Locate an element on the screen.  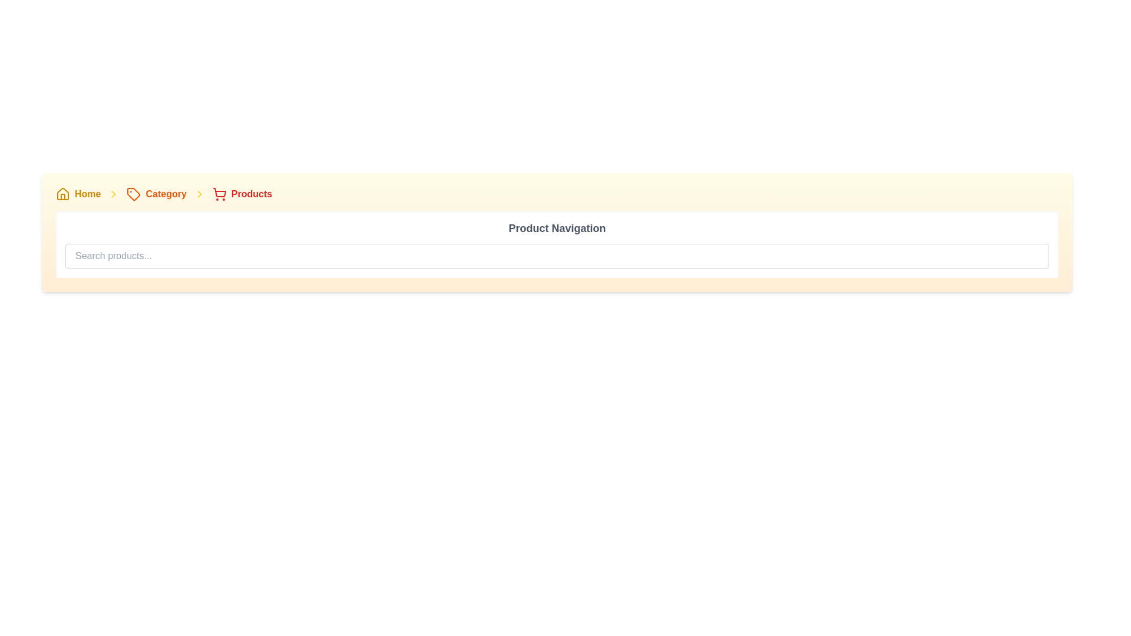
the bold text label displaying 'Product Navigation' which is styled in gray and centered above the search input field is located at coordinates (556, 228).